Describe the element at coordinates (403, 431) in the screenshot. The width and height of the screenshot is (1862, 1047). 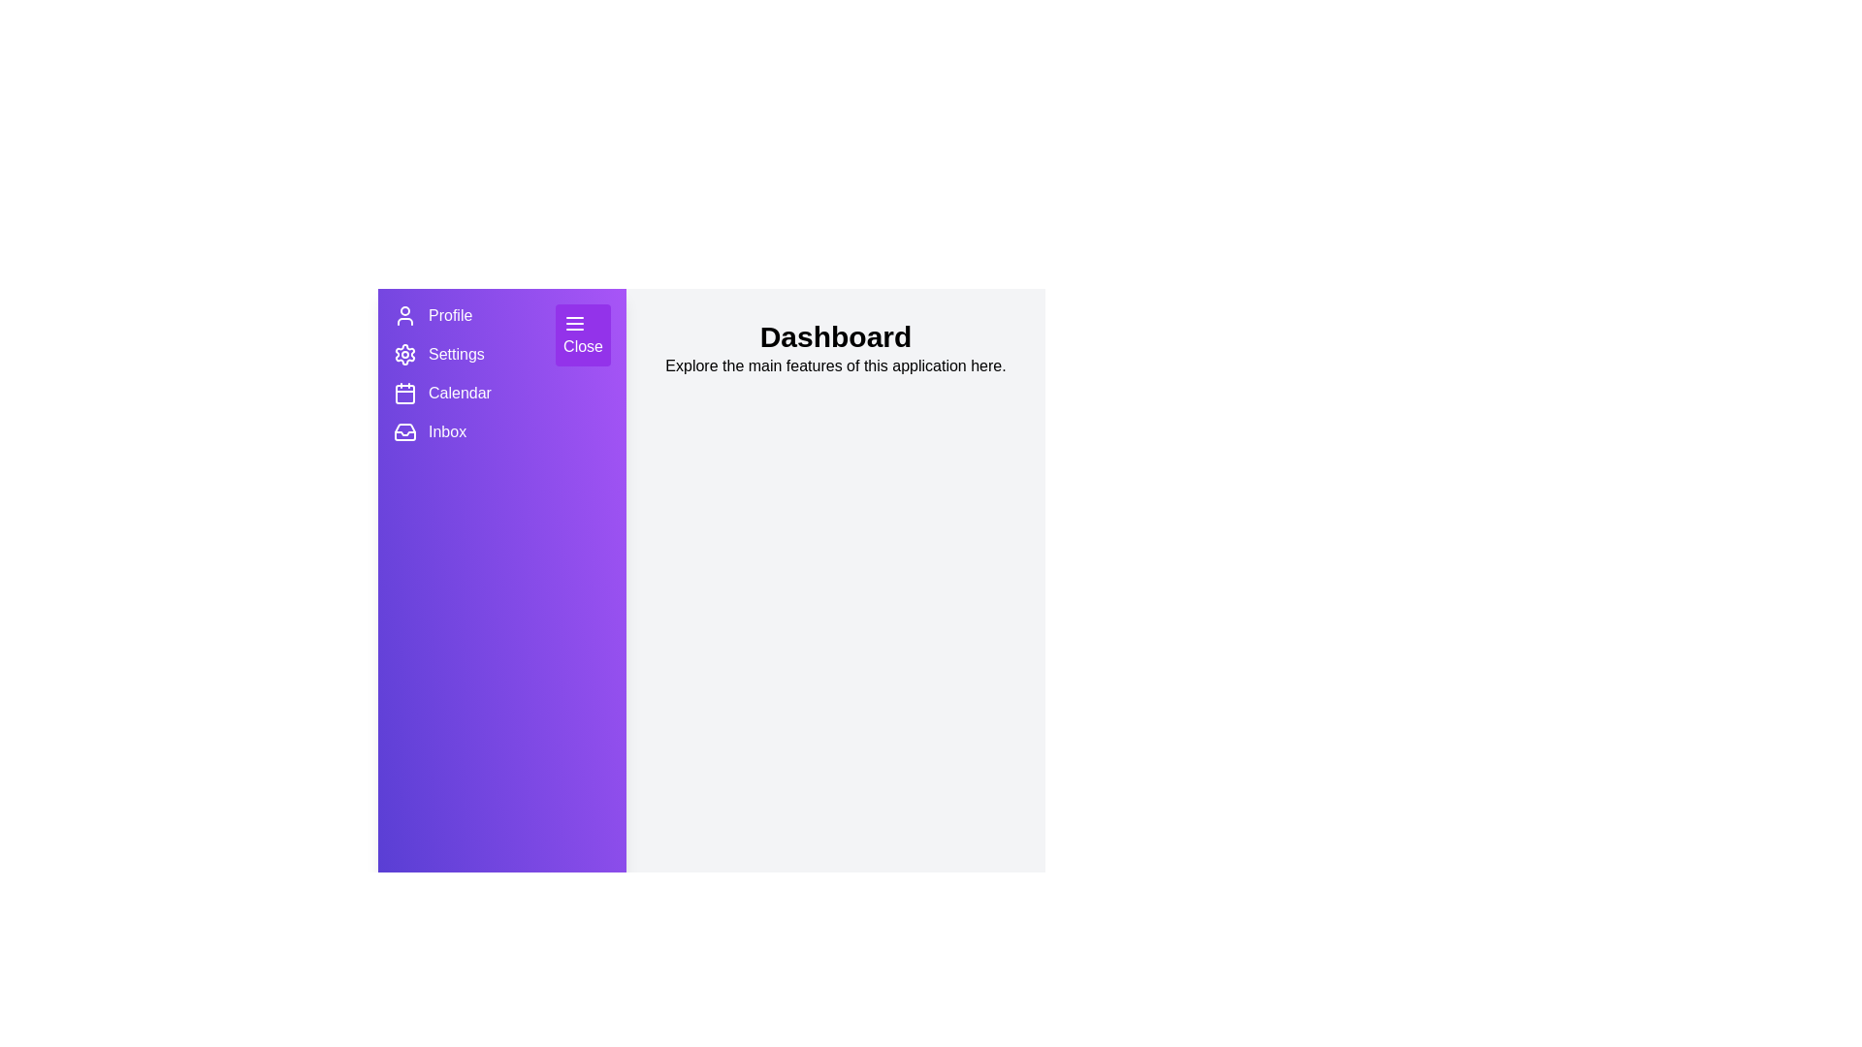
I see `the menu item Inbox` at that location.